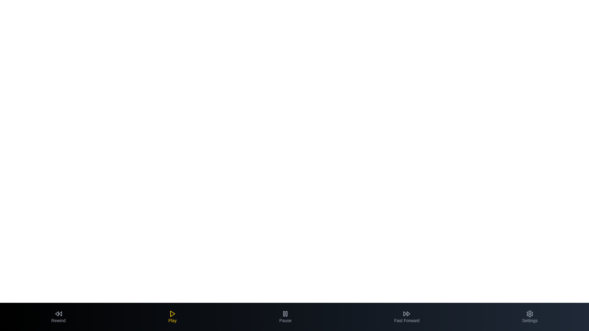 This screenshot has width=589, height=331. What do you see at coordinates (529, 317) in the screenshot?
I see `the Settings tab to select it` at bounding box center [529, 317].